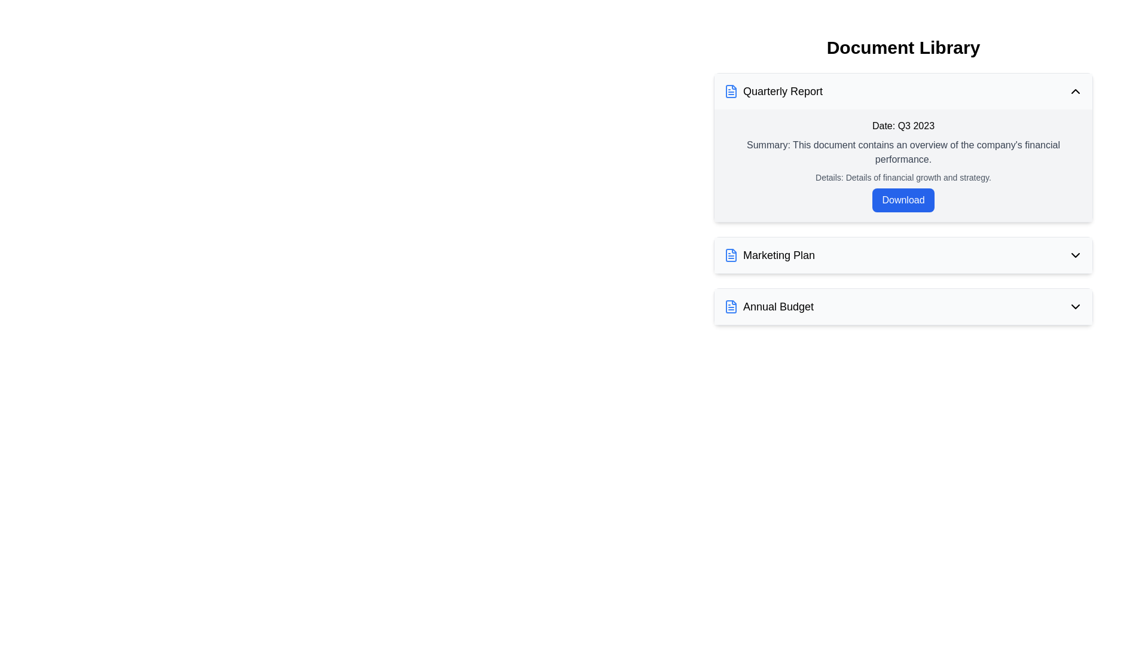 This screenshot has height=646, width=1148. What do you see at coordinates (783, 91) in the screenshot?
I see `the 'Quarterly Report' text label, which is displayed in bold, medium font size and is located to the right of a blue document icon in the 'Document Library' area` at bounding box center [783, 91].